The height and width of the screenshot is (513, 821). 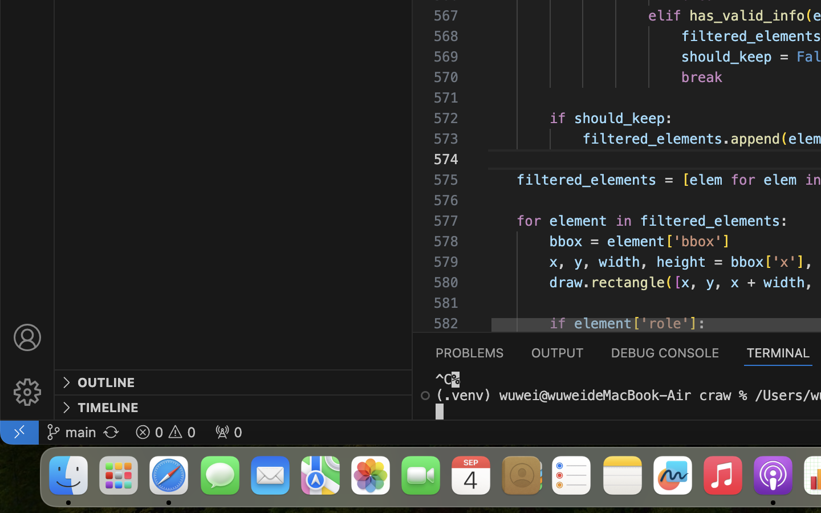 What do you see at coordinates (425, 394) in the screenshot?
I see `''` at bounding box center [425, 394].